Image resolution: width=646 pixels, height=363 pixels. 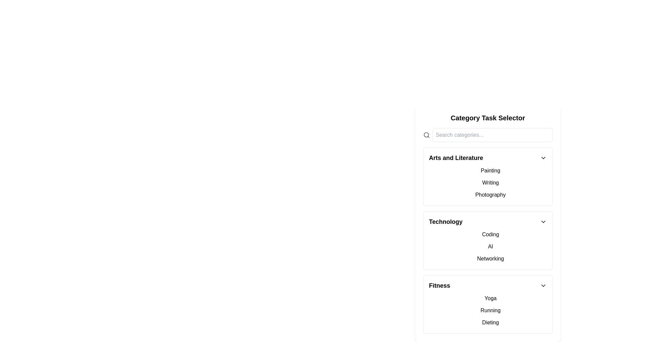 I want to click on the 'Writing' category option, which is the second item in the 'Arts and Literature' task selector list, displayed in regular black font, so click(x=491, y=183).